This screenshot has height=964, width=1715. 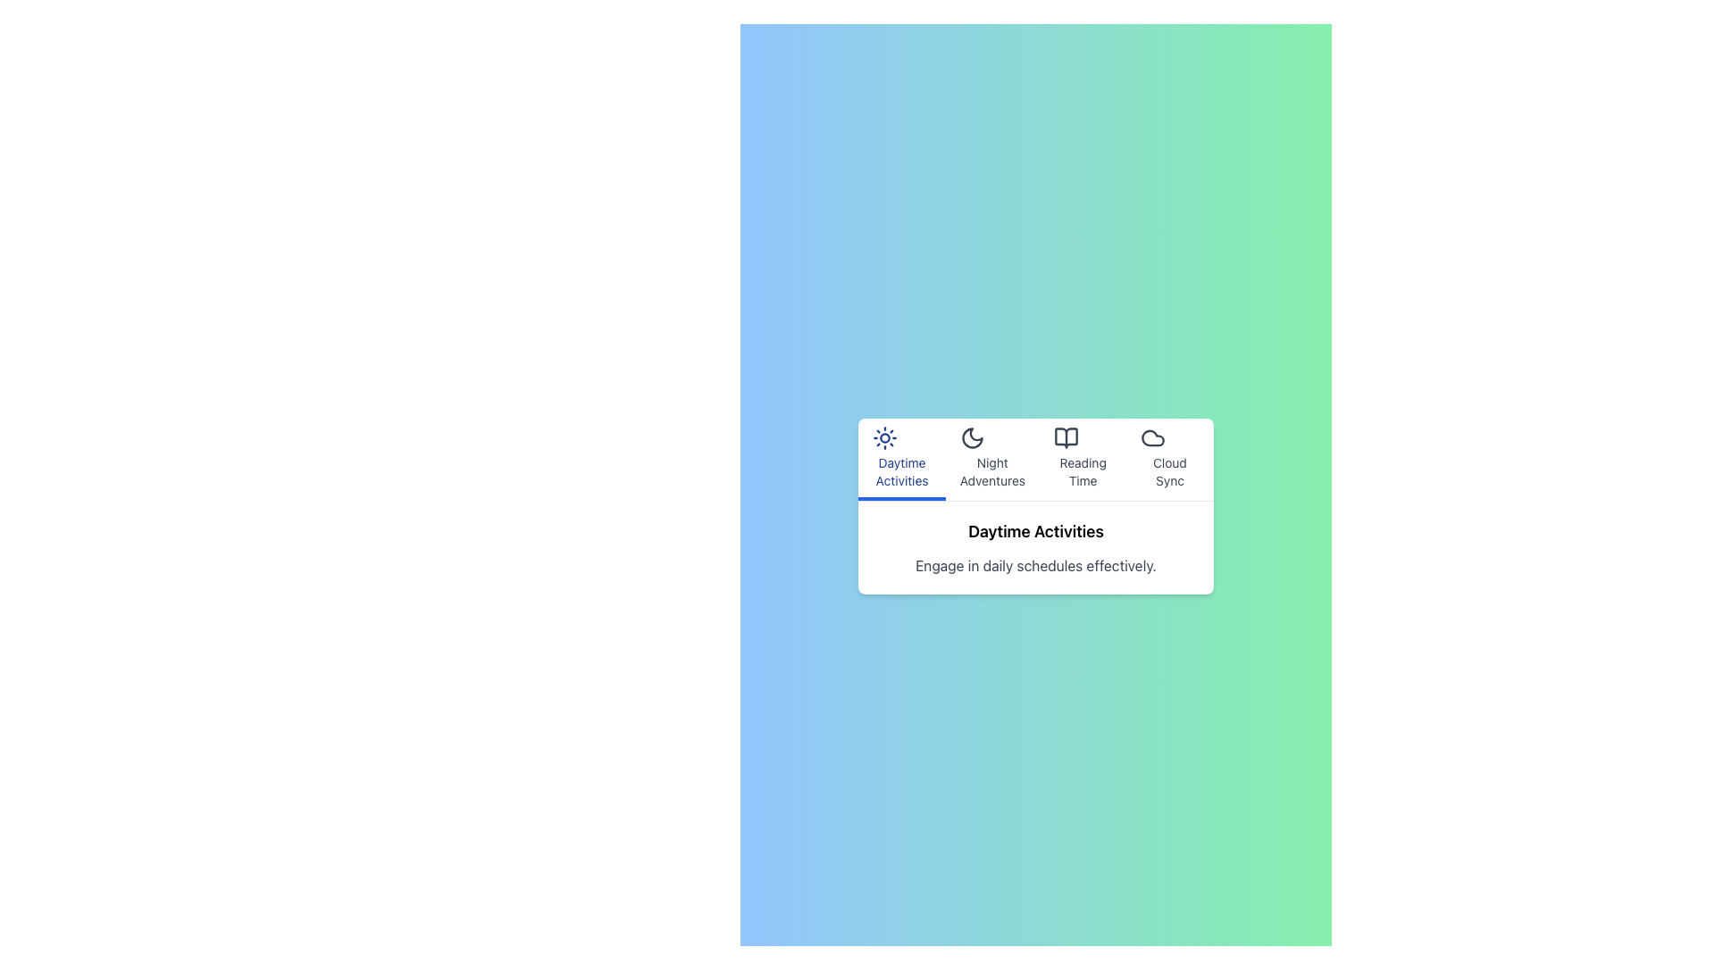 What do you see at coordinates (1082, 470) in the screenshot?
I see `text label 'Reading Time' which is centrally aligned and positioned below a book icon in the navigation bar at the top of the card` at bounding box center [1082, 470].